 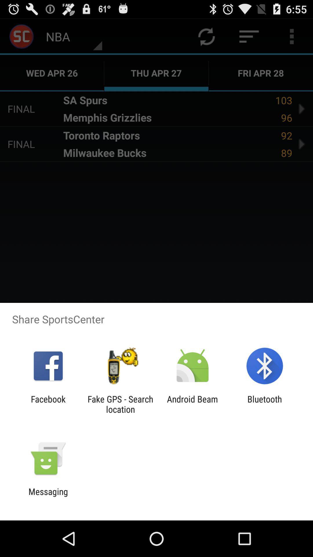 I want to click on icon to the right of facebook app, so click(x=120, y=404).